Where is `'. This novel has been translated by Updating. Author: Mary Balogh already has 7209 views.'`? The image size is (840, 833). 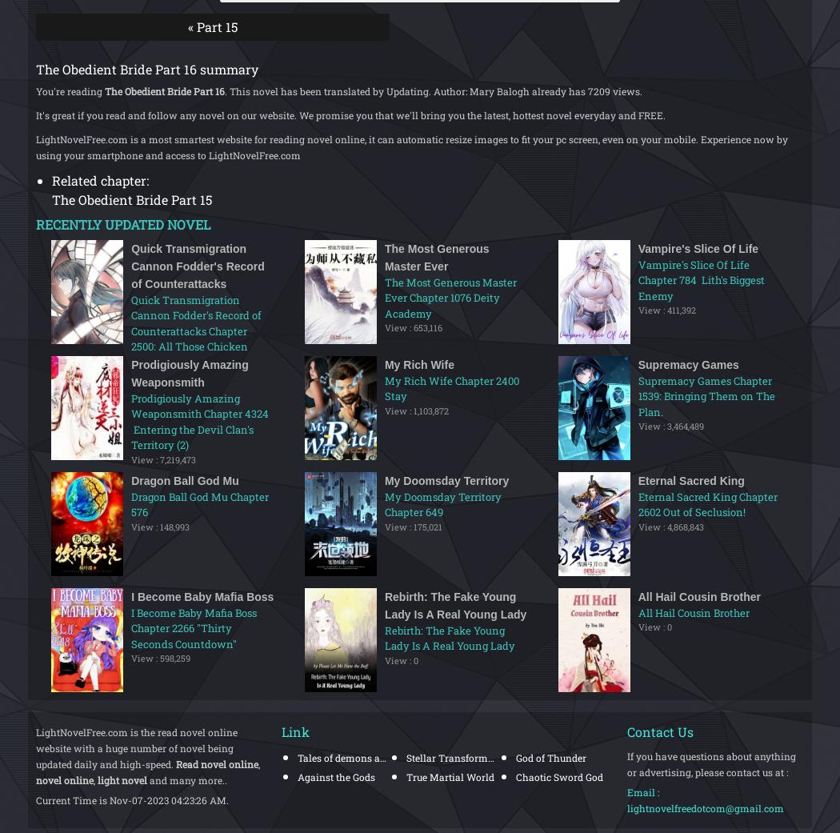
'. This novel has been translated by Updating. Author: Mary Balogh already has 7209 views.' is located at coordinates (434, 90).